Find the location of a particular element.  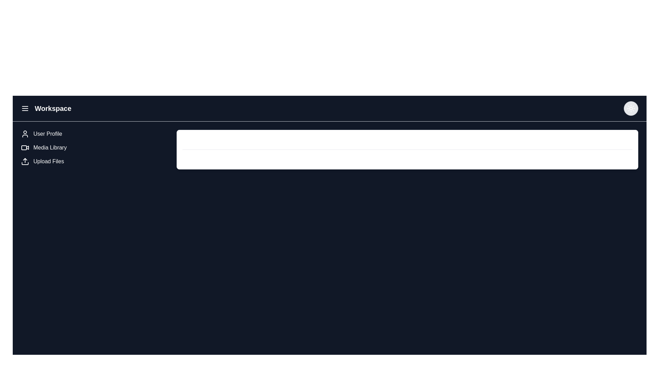

the third navigation menu item located in the left vertical navigation menu is located at coordinates (48, 162).